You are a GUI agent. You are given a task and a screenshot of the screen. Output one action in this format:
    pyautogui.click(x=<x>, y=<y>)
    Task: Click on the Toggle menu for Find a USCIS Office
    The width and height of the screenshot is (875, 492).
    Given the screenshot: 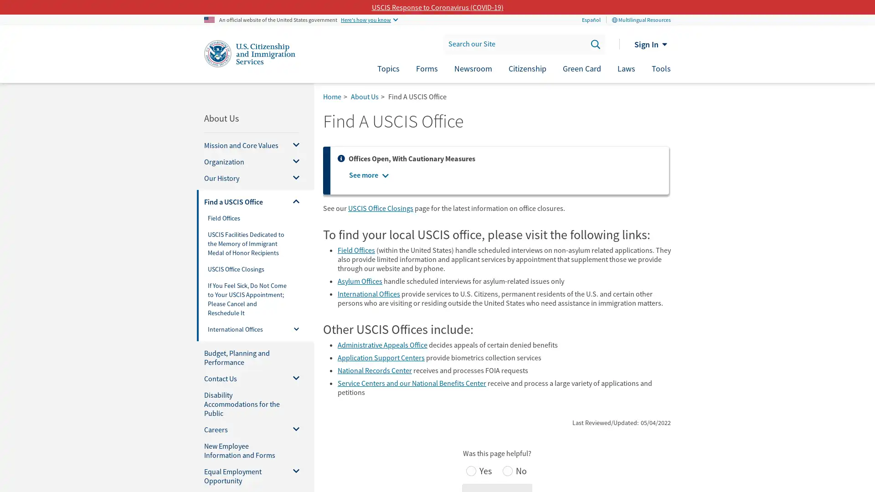 What is the action you would take?
    pyautogui.click(x=293, y=201)
    